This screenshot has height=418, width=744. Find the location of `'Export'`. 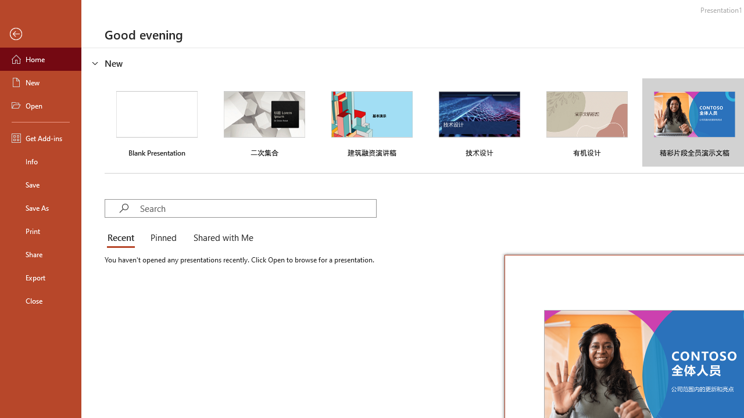

'Export' is located at coordinates (40, 278).